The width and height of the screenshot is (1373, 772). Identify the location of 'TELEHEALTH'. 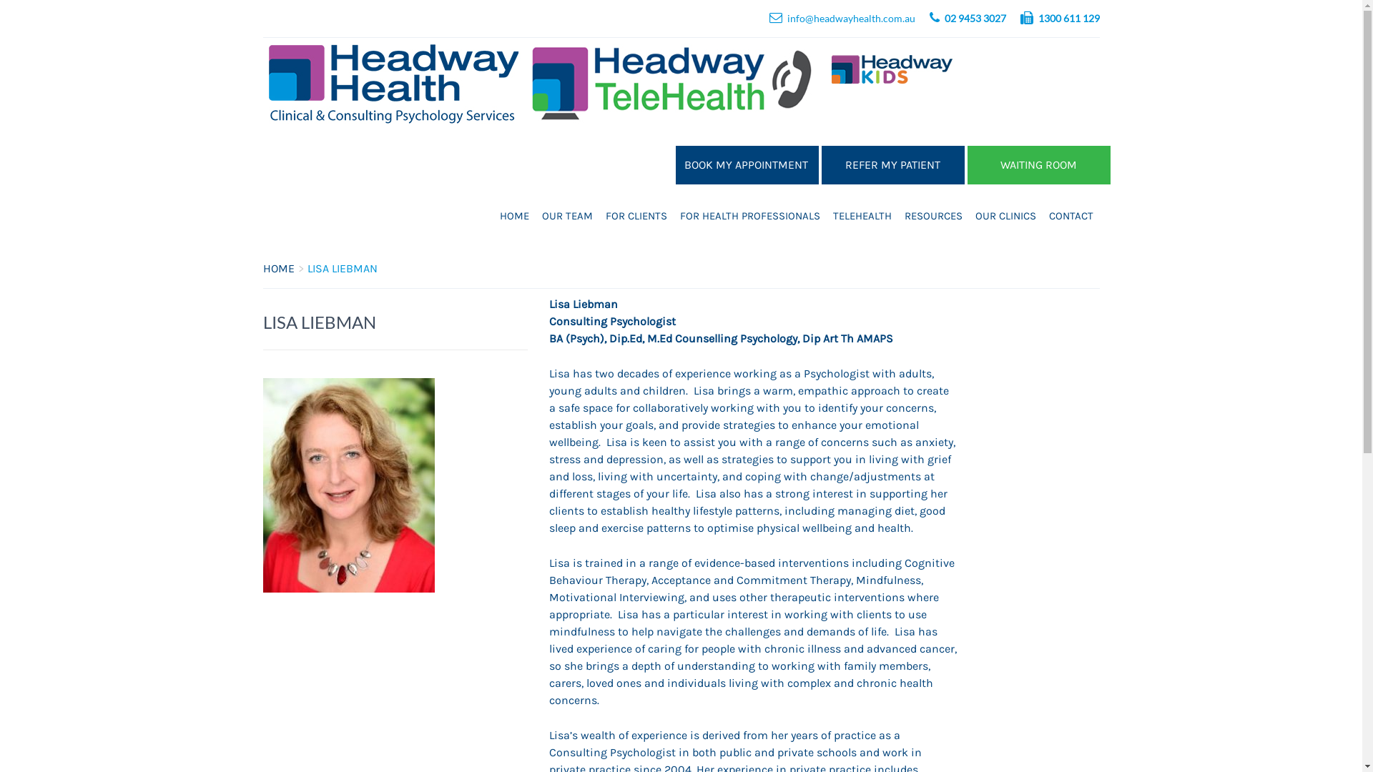
(861, 215).